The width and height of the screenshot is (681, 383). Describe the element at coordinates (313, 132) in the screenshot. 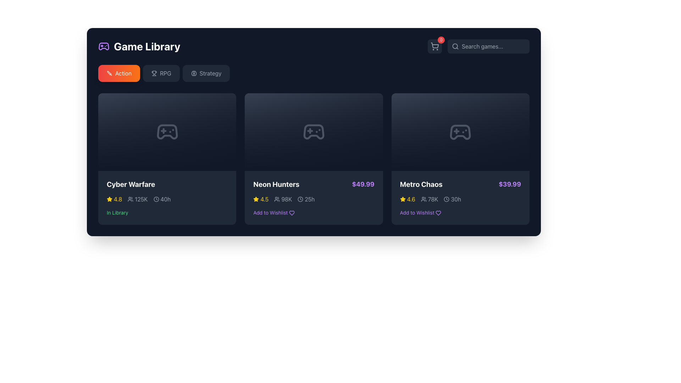

I see `the gaming-related icon located in the central card of a three-card horizontal row layout, positioned above the text 'Neon Hunters'` at that location.